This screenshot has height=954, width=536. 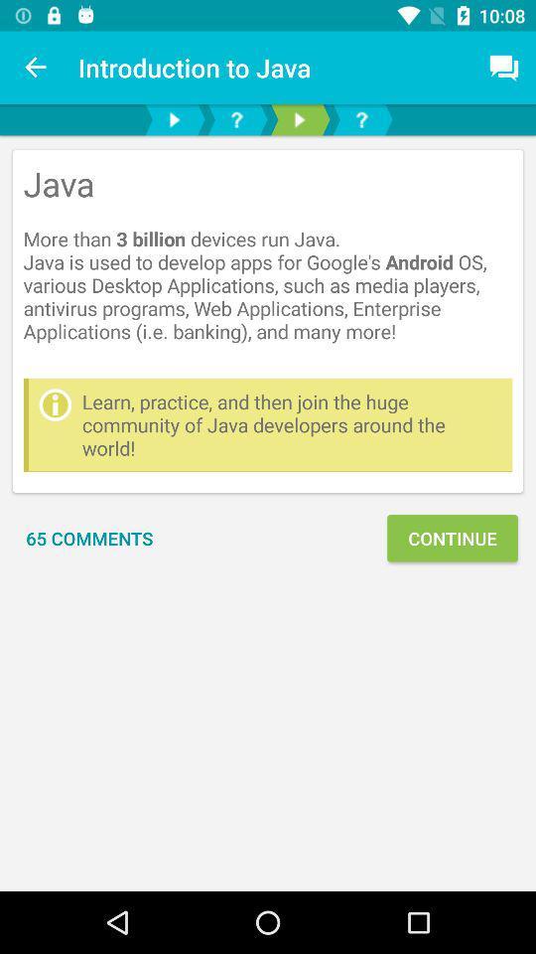 What do you see at coordinates (88, 538) in the screenshot?
I see `the icon next to continue item` at bounding box center [88, 538].